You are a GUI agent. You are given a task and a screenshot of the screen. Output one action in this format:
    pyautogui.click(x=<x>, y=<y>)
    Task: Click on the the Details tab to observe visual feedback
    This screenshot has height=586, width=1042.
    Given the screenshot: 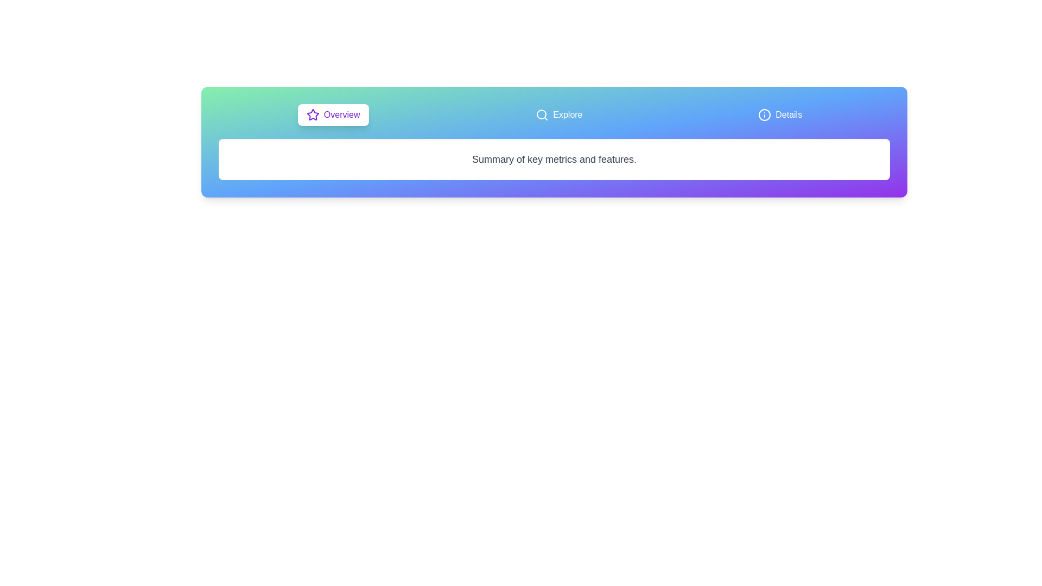 What is the action you would take?
    pyautogui.click(x=779, y=115)
    